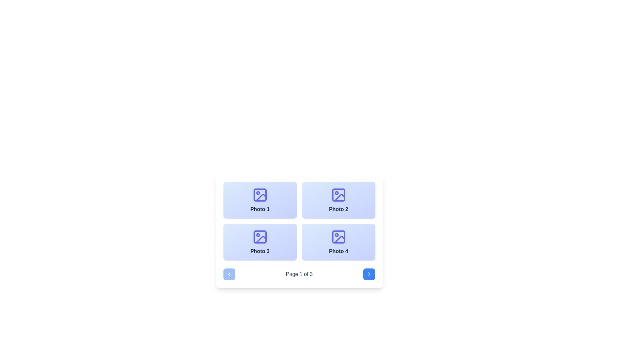 Image resolution: width=629 pixels, height=354 pixels. What do you see at coordinates (259, 237) in the screenshot?
I see `the Icon component, which is a small rectangle with rounded corners located in the third photo box of a 2x2 grid layout for 'Photo 3'` at bounding box center [259, 237].